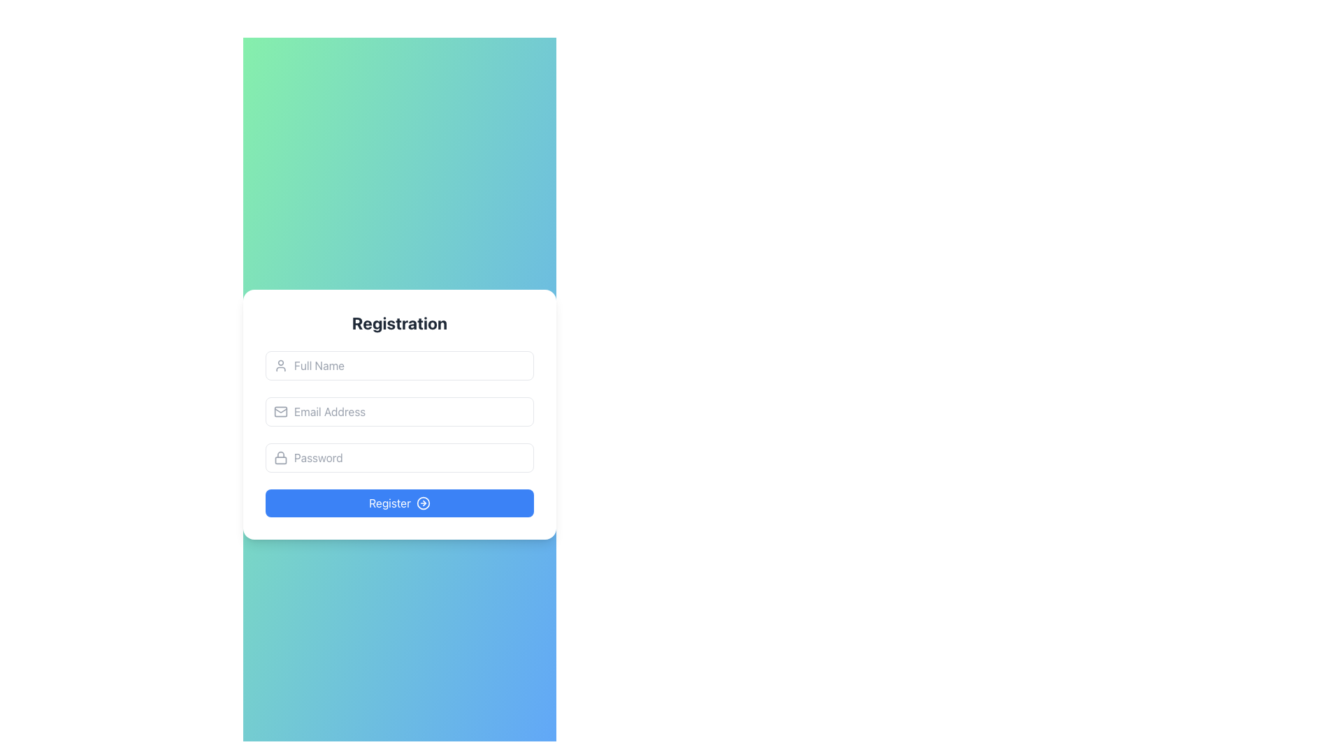 This screenshot has width=1342, height=754. What do you see at coordinates (280, 411) in the screenshot?
I see `the decorative and informative icon that indicates the purpose of the adjacent email input field, located at the far left of the input box` at bounding box center [280, 411].